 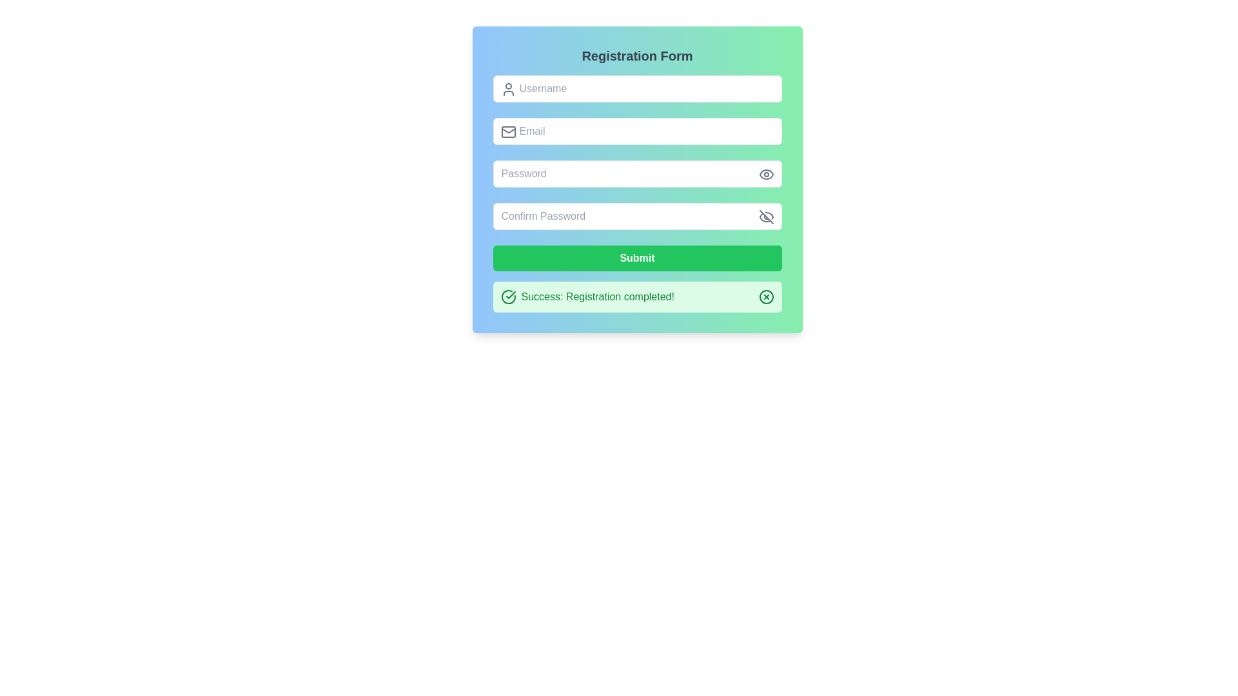 What do you see at coordinates (637, 173) in the screenshot?
I see `the Form section within the Registration Form component, which features a vertically stacked layout with green and blue background gradients` at bounding box center [637, 173].